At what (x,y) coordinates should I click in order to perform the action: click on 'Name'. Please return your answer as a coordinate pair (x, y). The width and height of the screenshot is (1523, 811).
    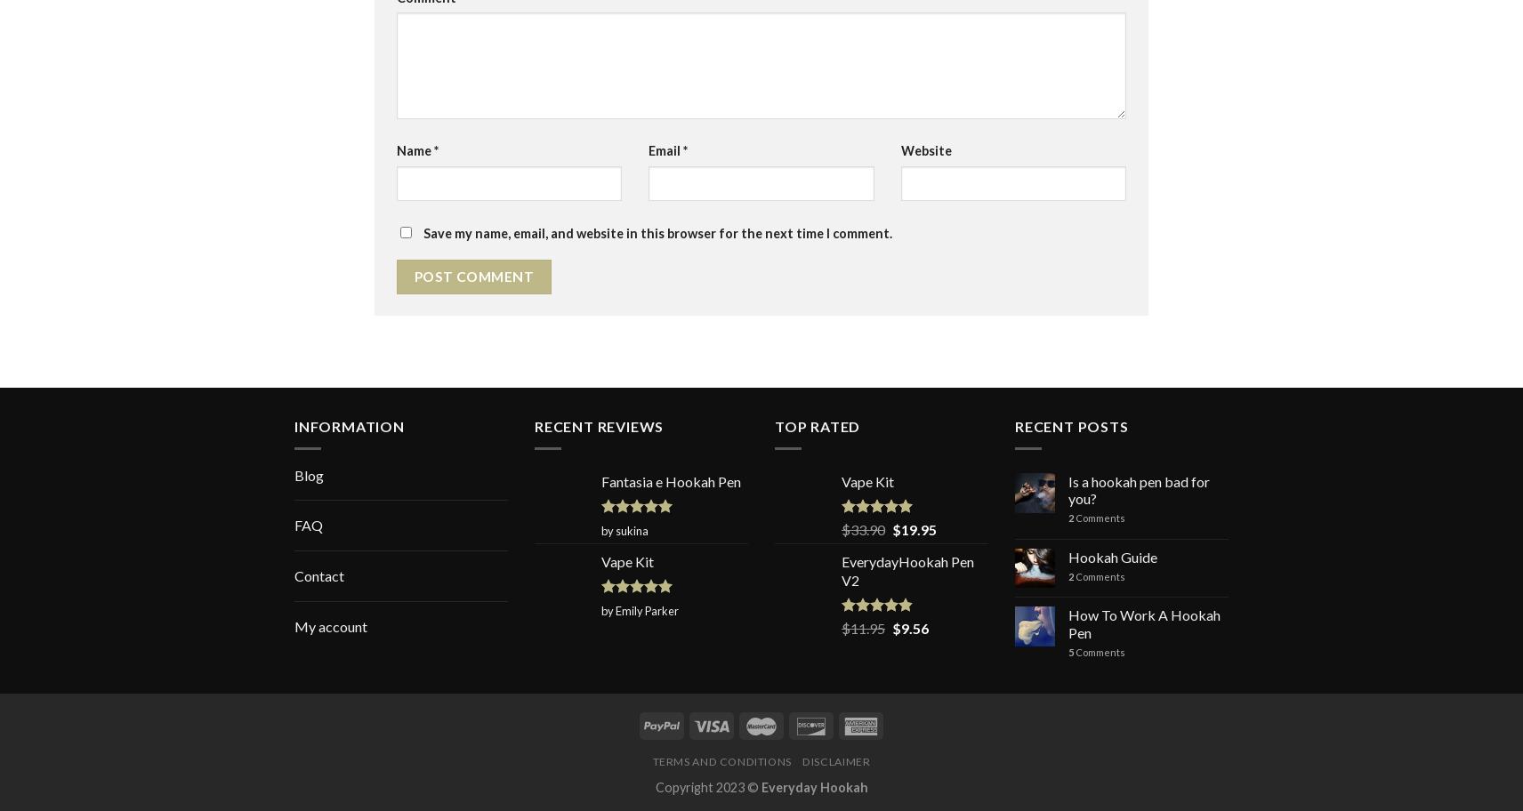
    Looking at the image, I should click on (415, 149).